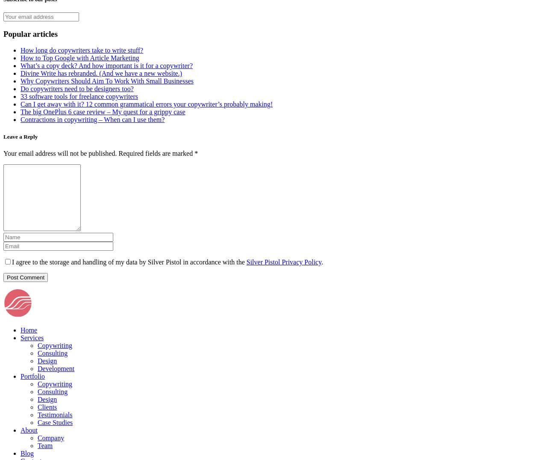 The image size is (547, 460). What do you see at coordinates (21, 73) in the screenshot?
I see `'Divine Write has rebranded. (And we have a new website.)'` at bounding box center [21, 73].